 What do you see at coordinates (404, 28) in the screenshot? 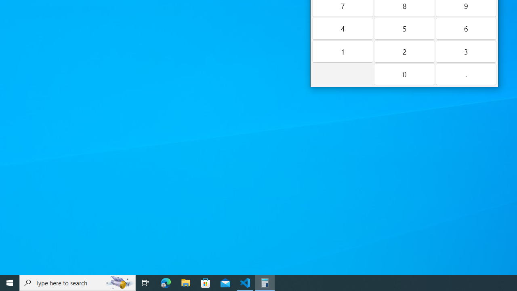
I see `'Five'` at bounding box center [404, 28].